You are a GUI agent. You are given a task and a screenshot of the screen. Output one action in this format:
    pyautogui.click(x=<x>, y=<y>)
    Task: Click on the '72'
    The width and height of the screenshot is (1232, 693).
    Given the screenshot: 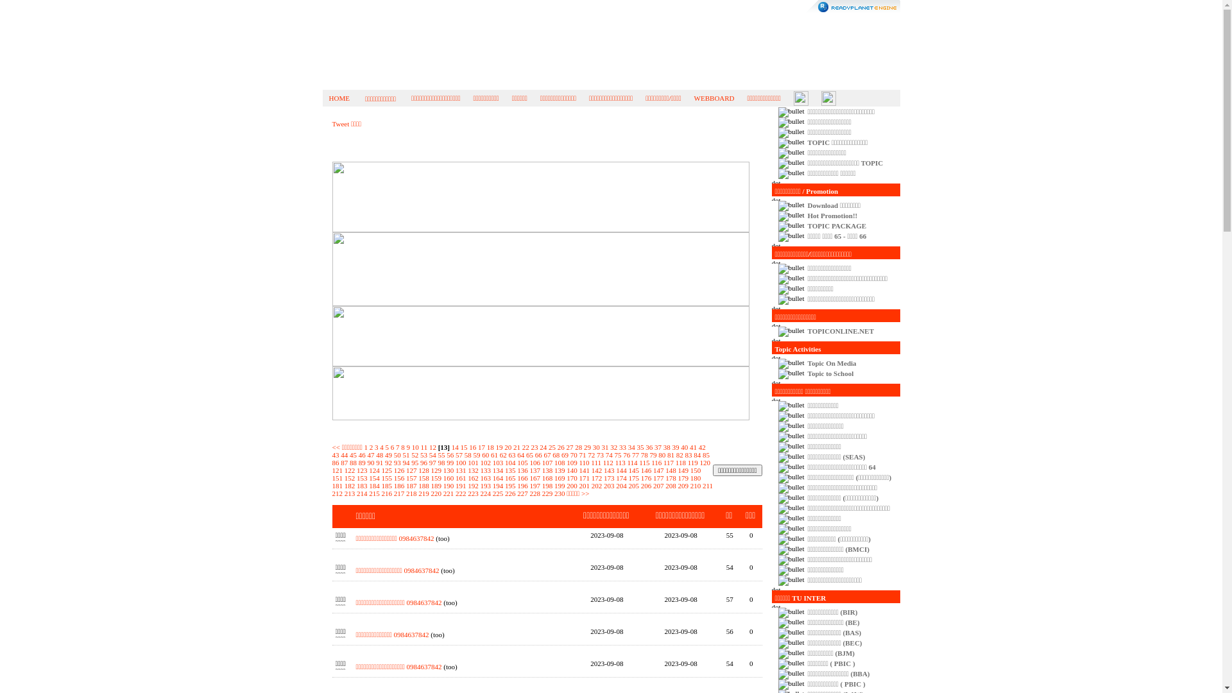 What is the action you would take?
    pyautogui.click(x=590, y=454)
    